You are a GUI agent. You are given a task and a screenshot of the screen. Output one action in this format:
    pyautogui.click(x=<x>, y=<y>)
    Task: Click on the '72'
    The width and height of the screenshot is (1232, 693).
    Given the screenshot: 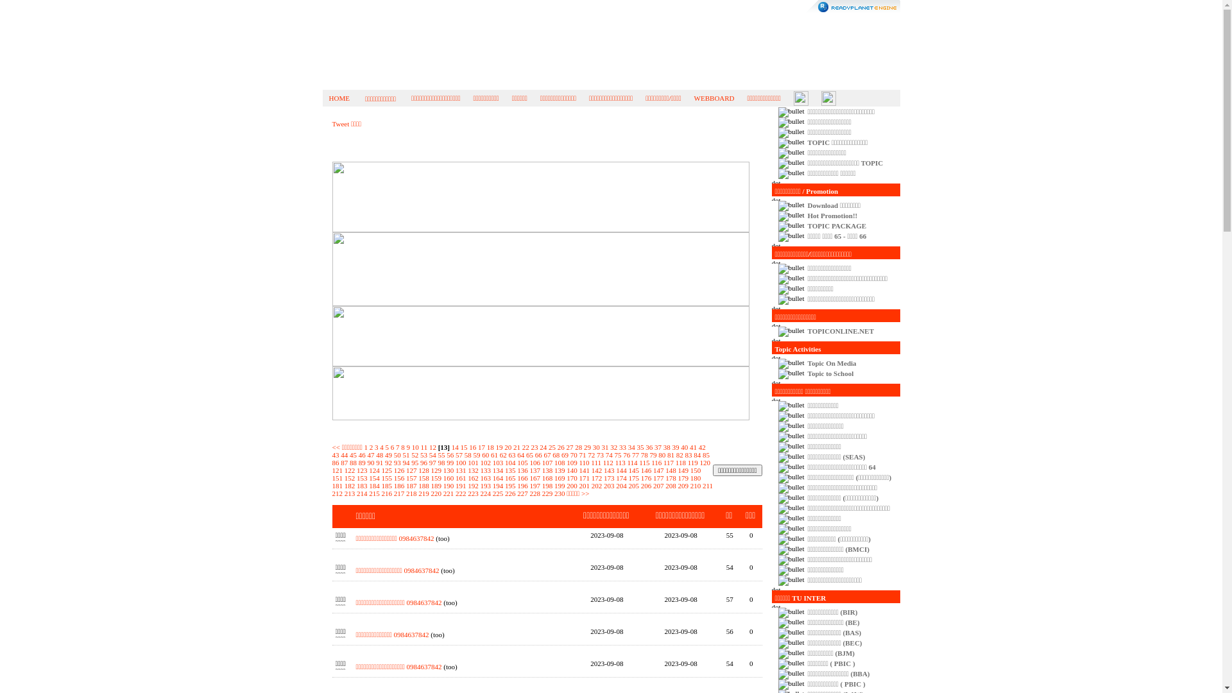 What is the action you would take?
    pyautogui.click(x=590, y=454)
    